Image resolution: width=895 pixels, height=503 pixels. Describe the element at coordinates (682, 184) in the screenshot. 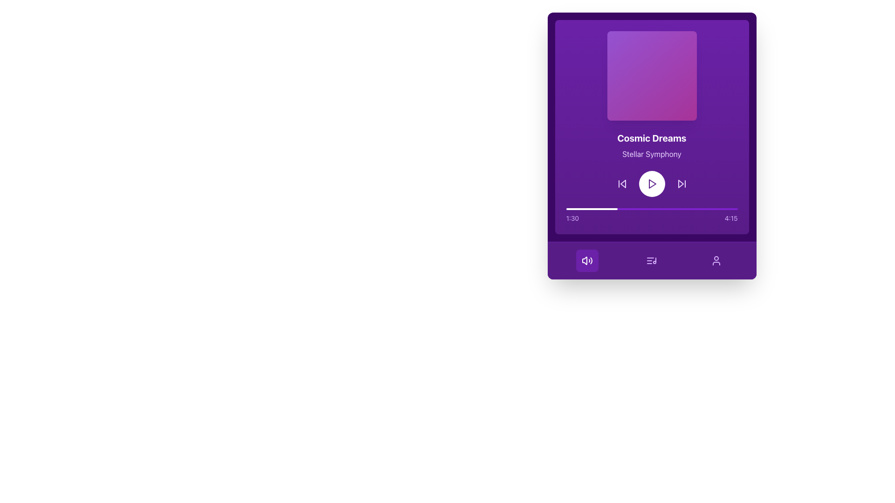

I see `the forward navigation button located to the right of the play button in the playback controls of the purple media player interface` at that location.